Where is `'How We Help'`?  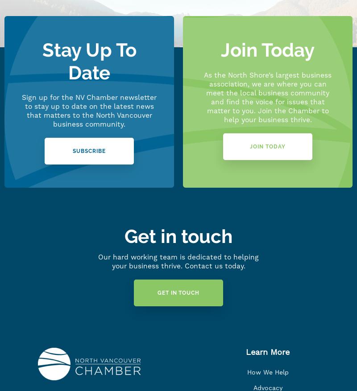 'How We Help' is located at coordinates (267, 372).